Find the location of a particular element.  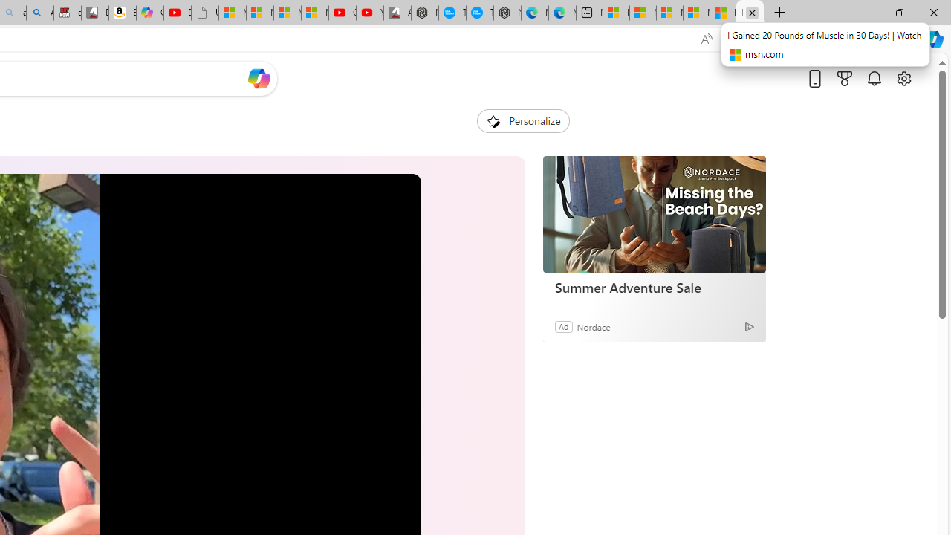

'Microsoft Start' is located at coordinates (723, 13).